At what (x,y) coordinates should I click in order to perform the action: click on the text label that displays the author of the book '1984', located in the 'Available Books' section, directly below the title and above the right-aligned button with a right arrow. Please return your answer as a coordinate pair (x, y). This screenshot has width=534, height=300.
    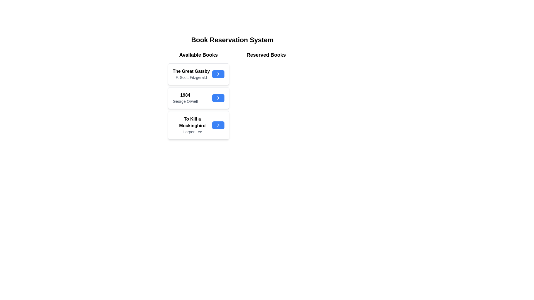
    Looking at the image, I should click on (185, 101).